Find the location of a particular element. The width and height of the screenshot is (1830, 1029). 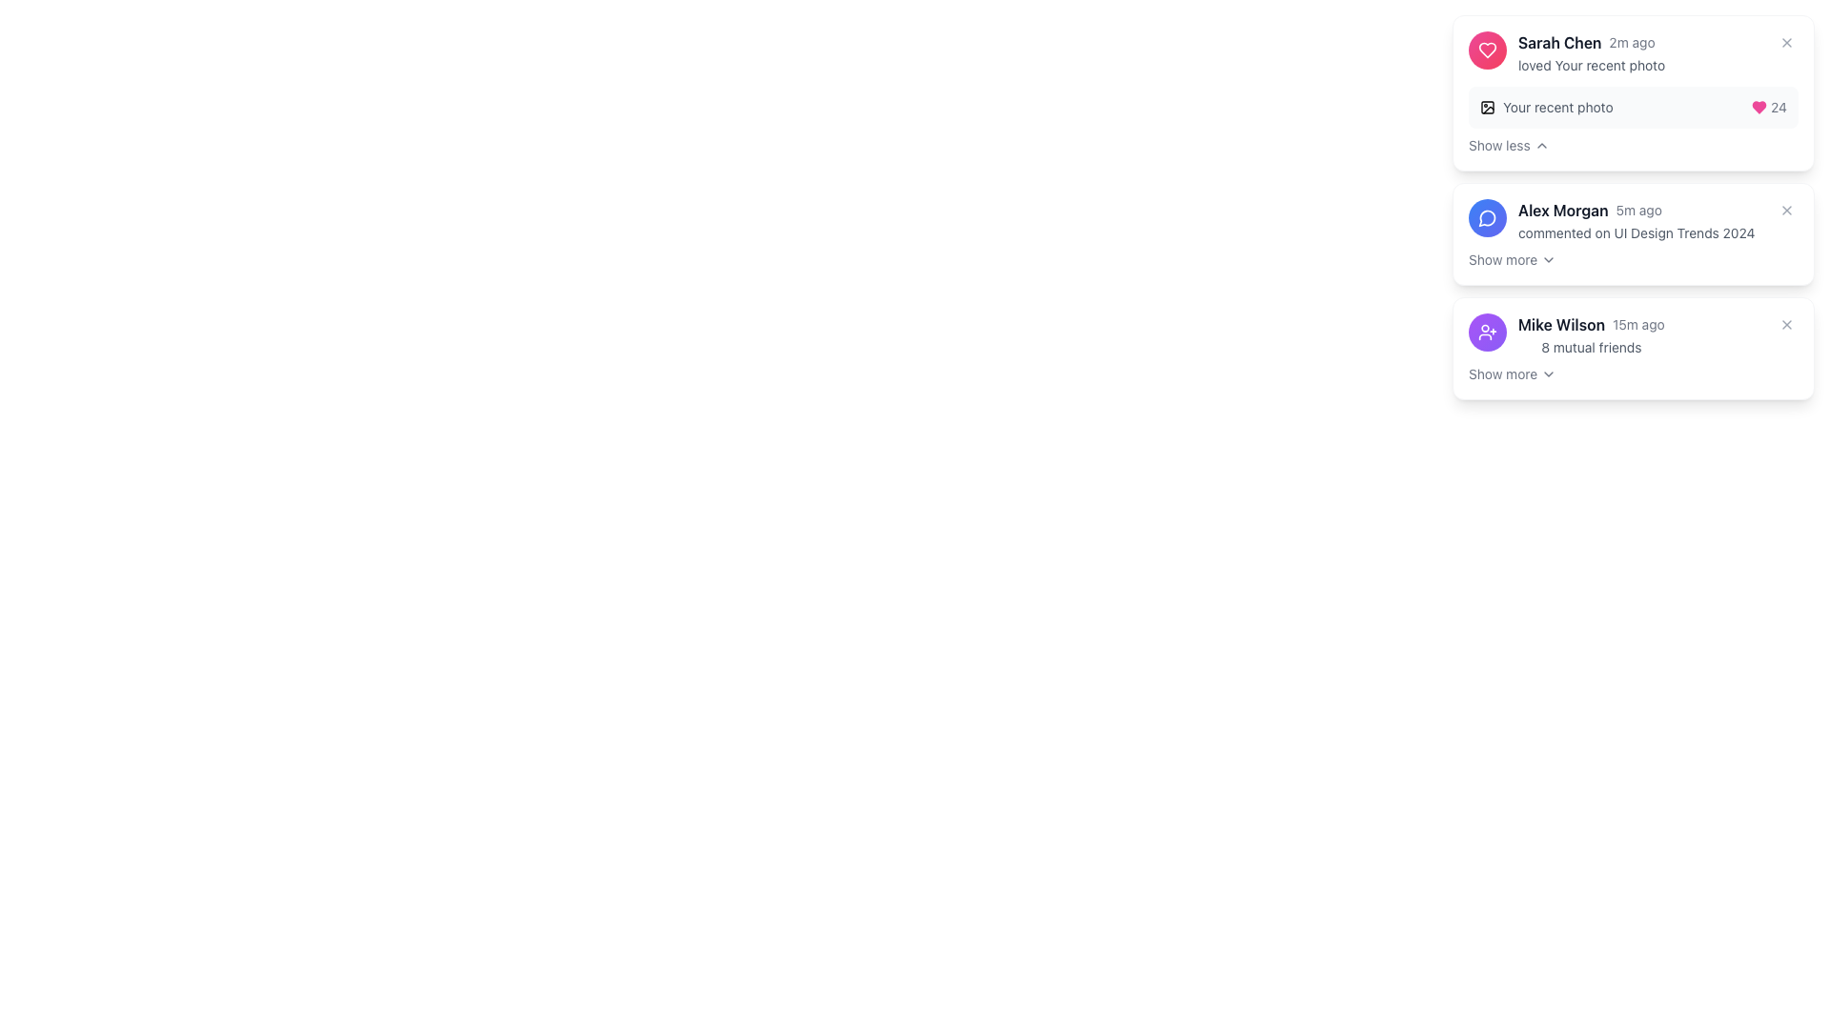

the 'Add User' icon, which is a user silhouette with a plus sign on a circular purple gradient background, located in the bottommost notification card is located at coordinates (1486, 331).